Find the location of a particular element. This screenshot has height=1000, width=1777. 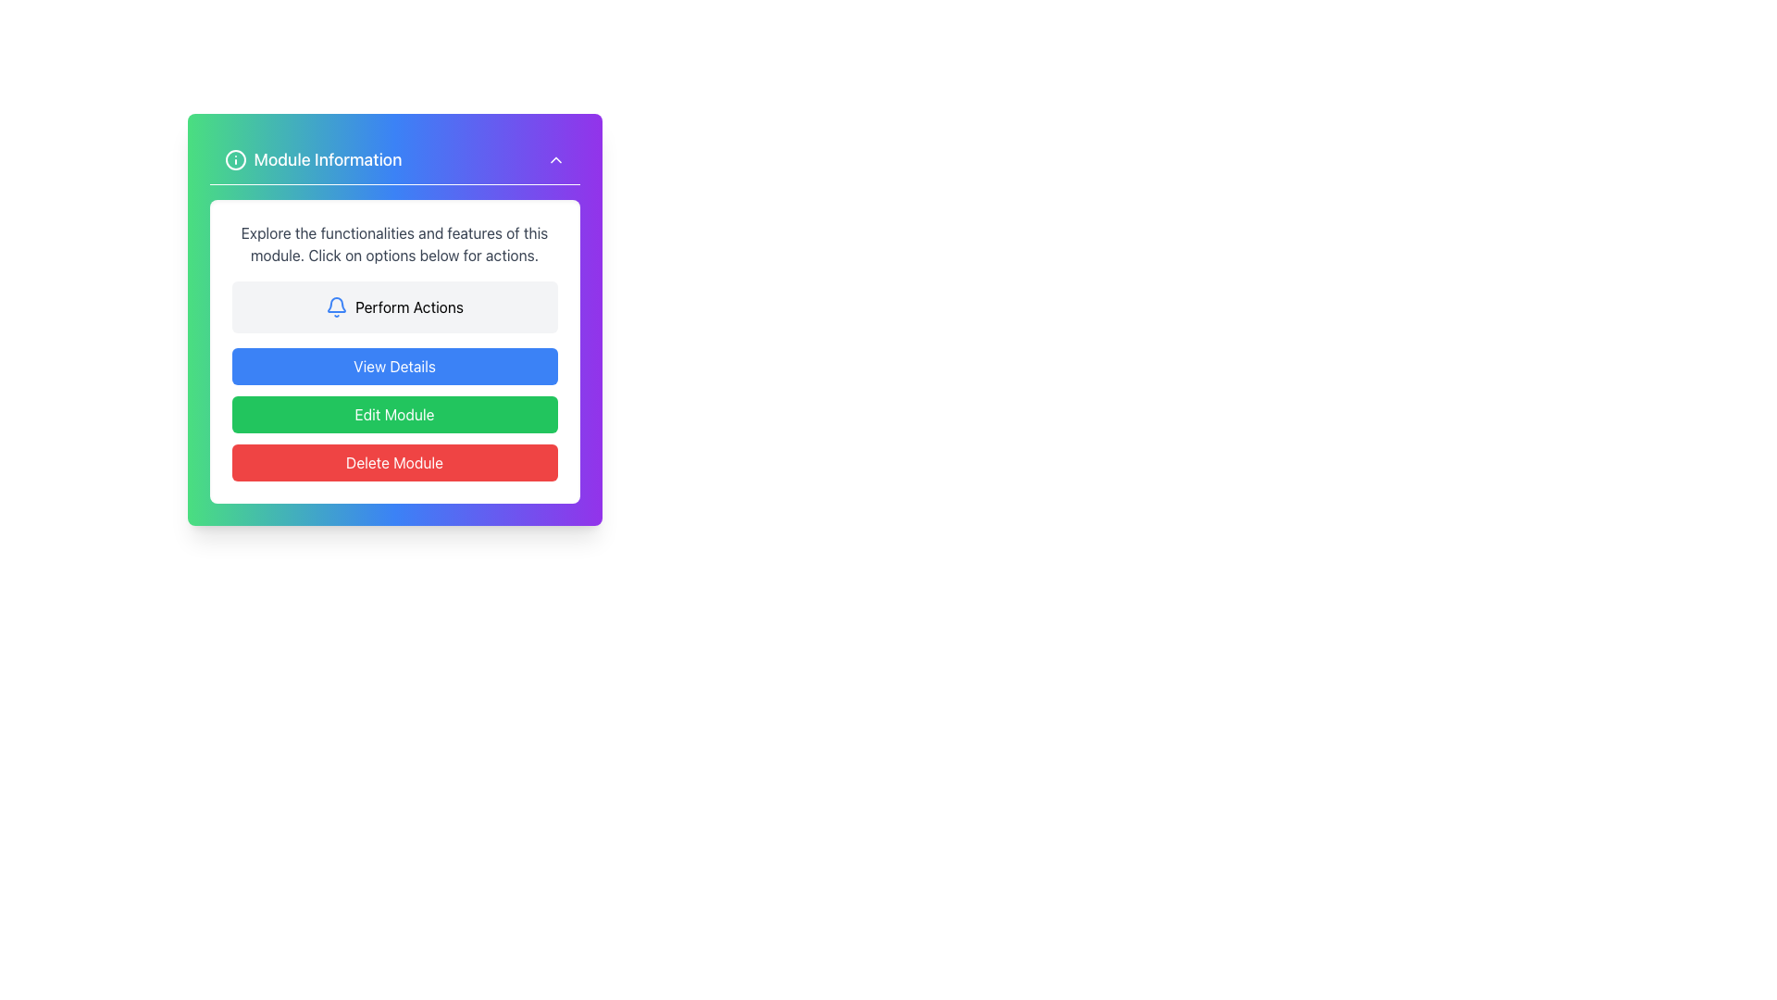

the circular SVG icon with an outlined border located to the left of the 'Module Information' text header is located at coordinates (234, 159).